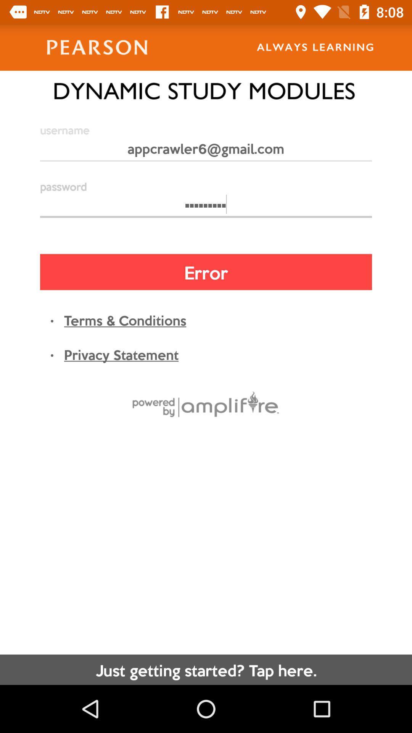 The width and height of the screenshot is (412, 733). What do you see at coordinates (206, 669) in the screenshot?
I see `the just getting started icon` at bounding box center [206, 669].